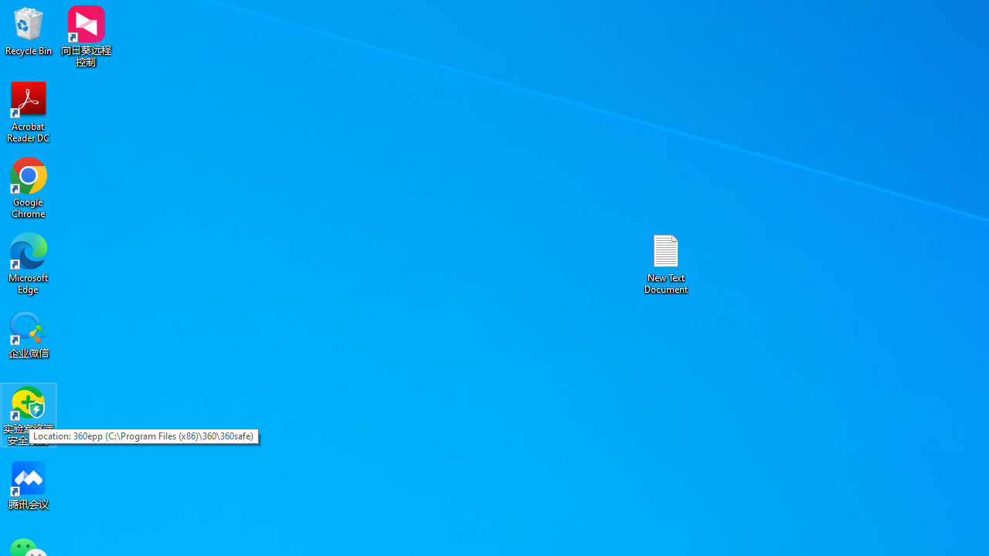 Image resolution: width=989 pixels, height=556 pixels. I want to click on 'Acrobat Reader DC', so click(29, 111).